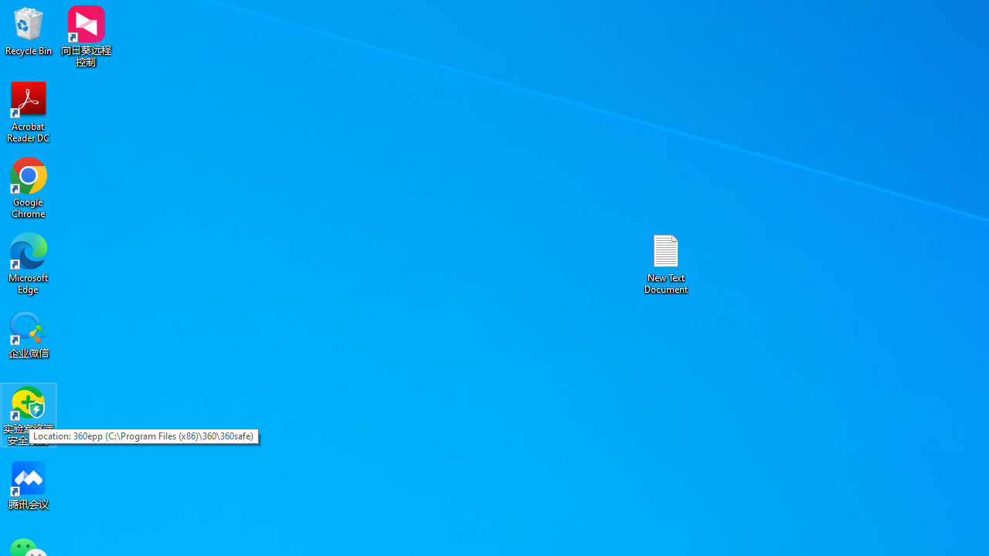 Image resolution: width=989 pixels, height=556 pixels. I want to click on 'Acrobat Reader DC', so click(29, 111).